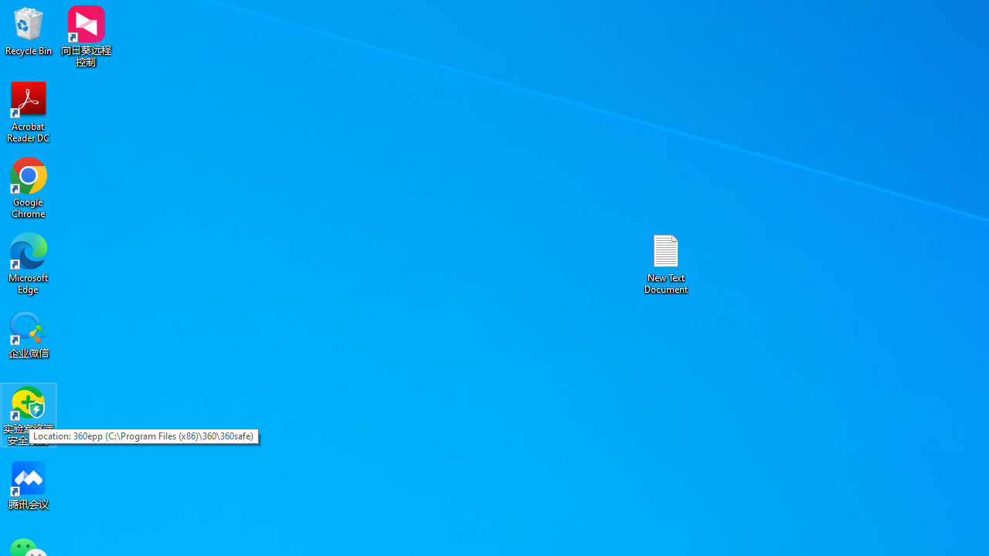 Image resolution: width=989 pixels, height=556 pixels. I want to click on 'Acrobat Reader DC', so click(29, 111).